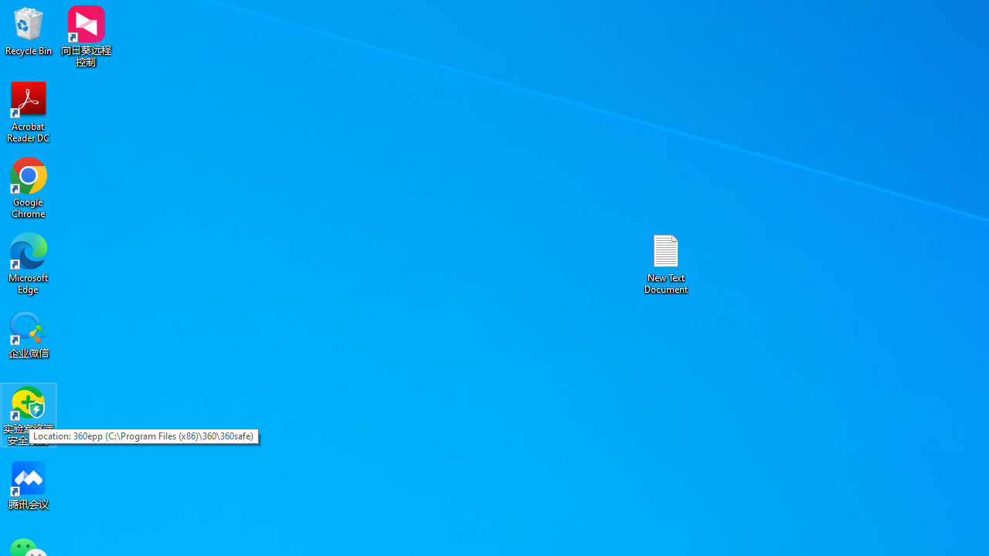 Image resolution: width=989 pixels, height=556 pixels. I want to click on 'Acrobat Reader DC', so click(29, 111).